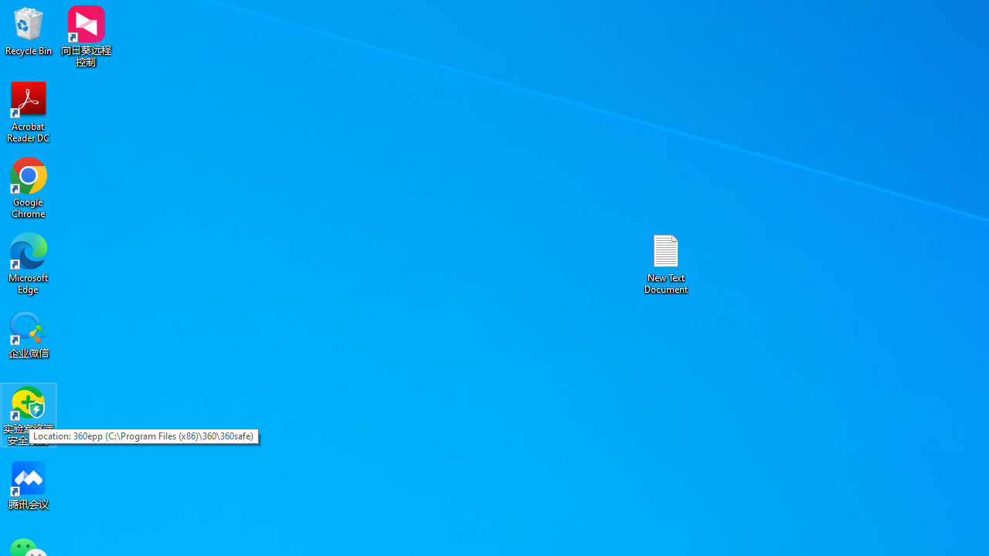 Image resolution: width=989 pixels, height=556 pixels. I want to click on 'Acrobat Reader DC', so click(29, 111).